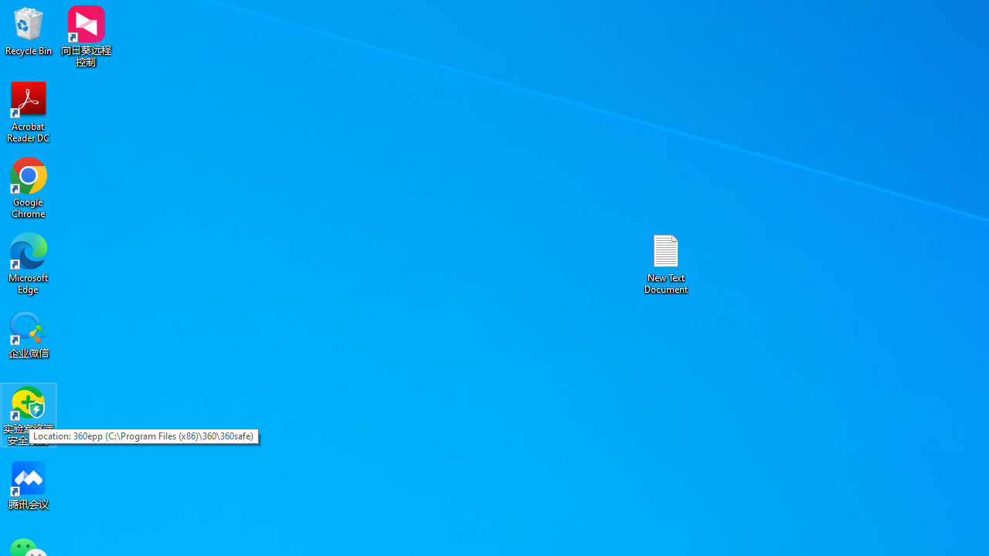 Image resolution: width=989 pixels, height=556 pixels. I want to click on 'Acrobat Reader DC', so click(29, 111).